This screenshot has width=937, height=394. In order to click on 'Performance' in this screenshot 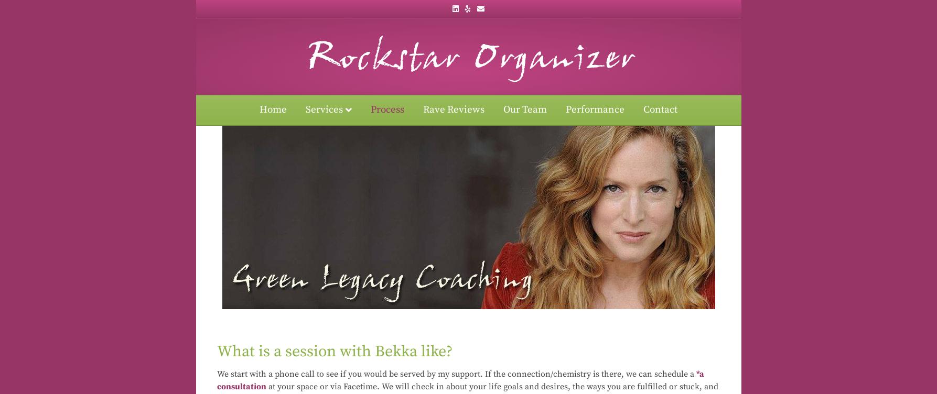, I will do `click(565, 110)`.